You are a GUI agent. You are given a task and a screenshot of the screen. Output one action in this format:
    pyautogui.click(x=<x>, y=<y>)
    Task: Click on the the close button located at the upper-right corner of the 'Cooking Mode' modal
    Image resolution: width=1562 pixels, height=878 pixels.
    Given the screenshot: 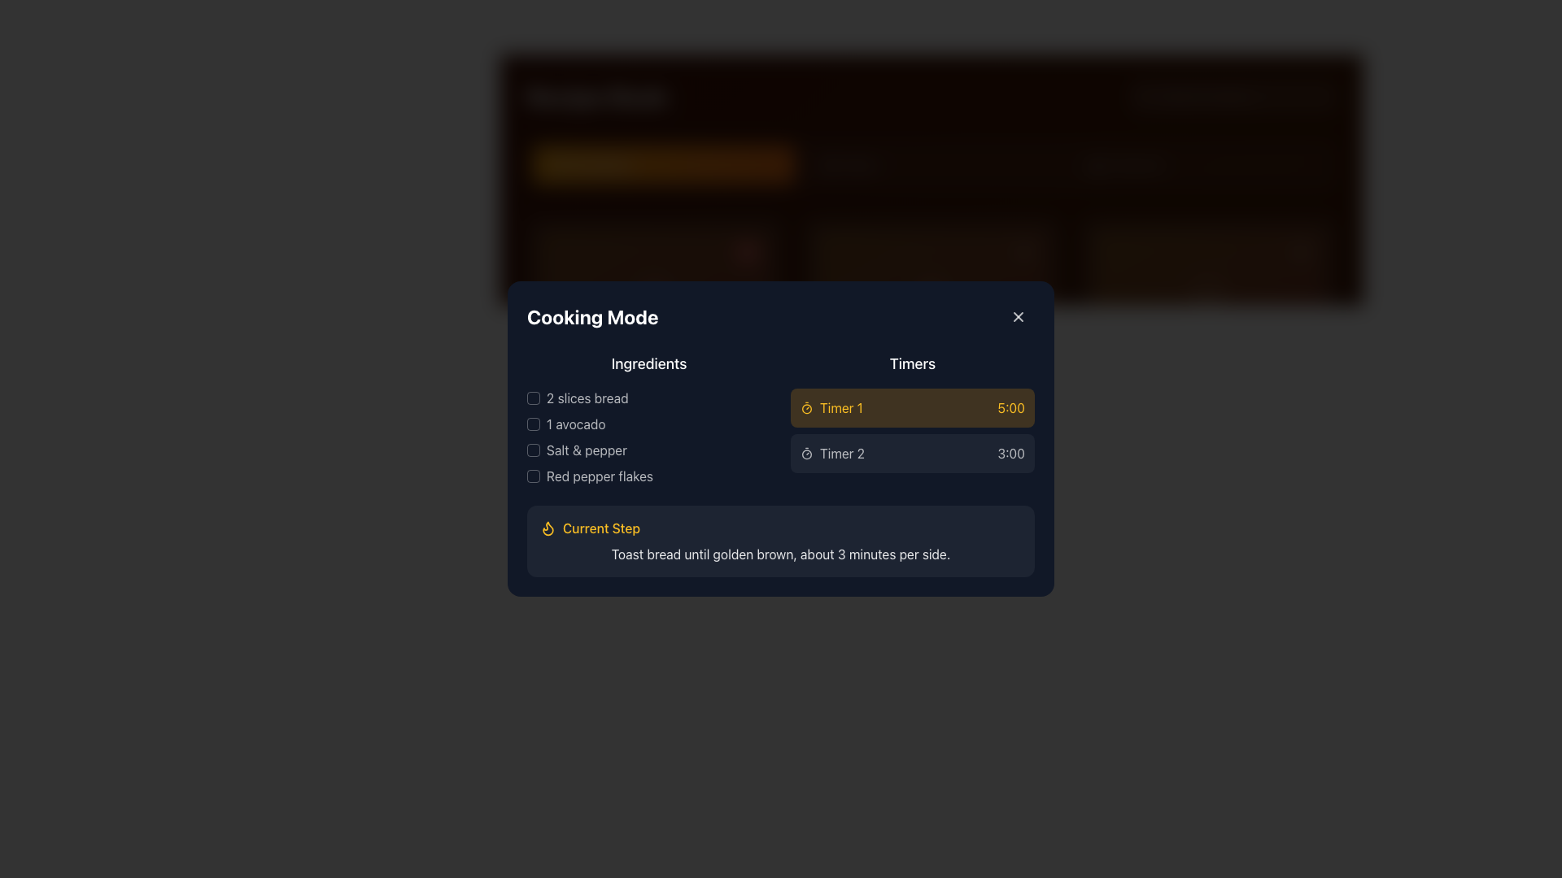 What is the action you would take?
    pyautogui.click(x=1018, y=316)
    